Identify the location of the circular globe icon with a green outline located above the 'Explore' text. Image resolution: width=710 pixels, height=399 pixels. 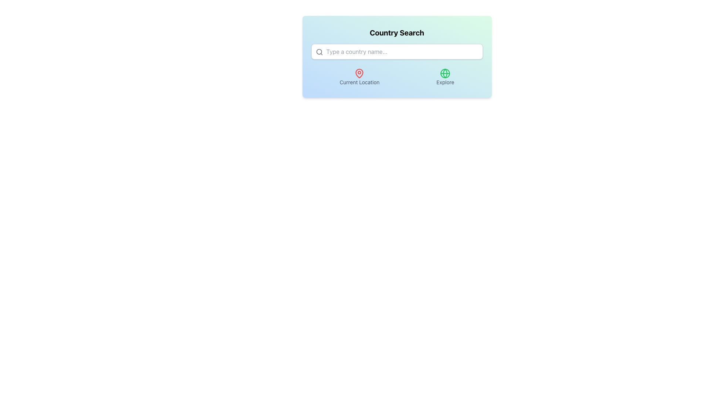
(445, 74).